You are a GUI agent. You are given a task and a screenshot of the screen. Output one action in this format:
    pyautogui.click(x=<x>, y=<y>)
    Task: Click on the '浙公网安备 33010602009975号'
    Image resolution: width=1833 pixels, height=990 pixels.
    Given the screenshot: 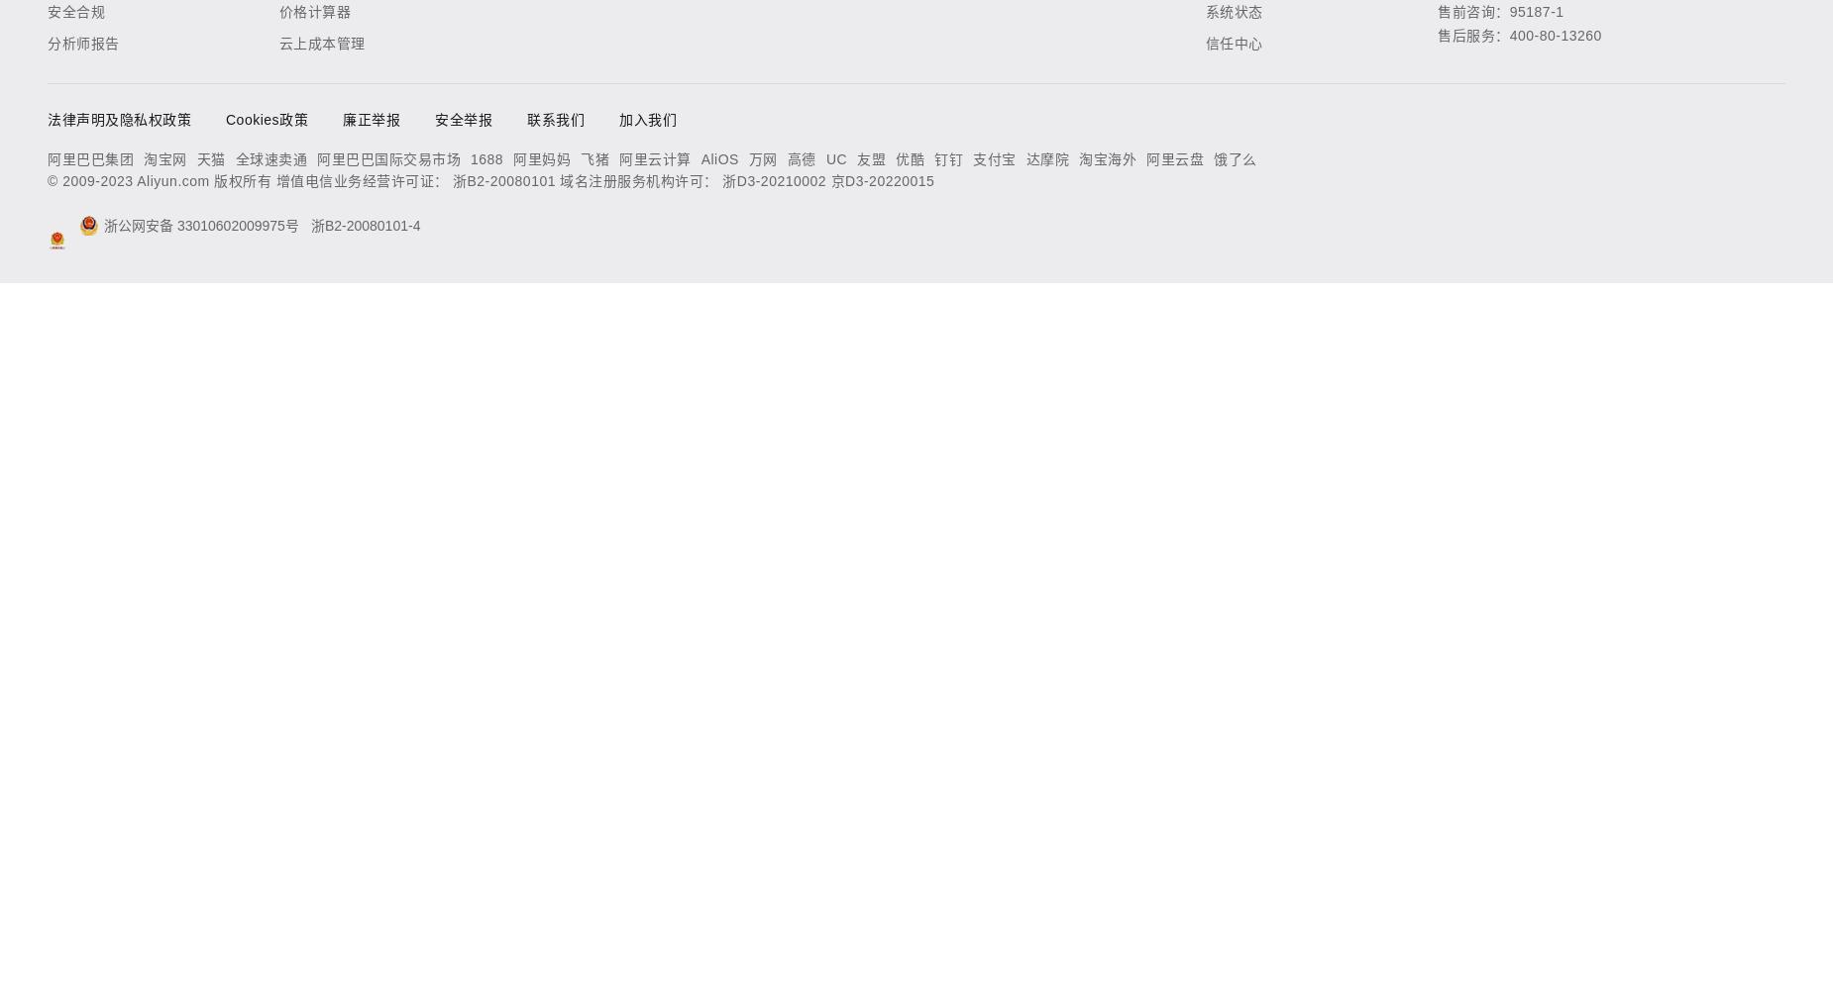 What is the action you would take?
    pyautogui.click(x=199, y=225)
    